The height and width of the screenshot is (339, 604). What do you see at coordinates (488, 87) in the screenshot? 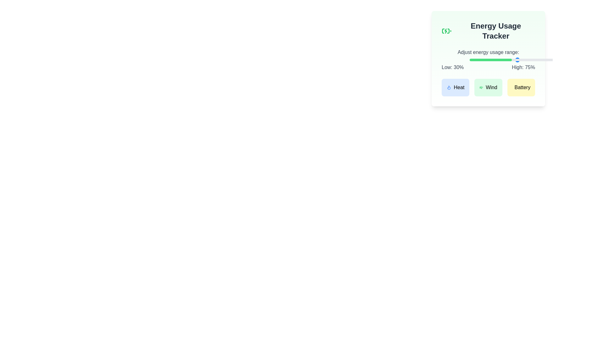
I see `the 'Wind' option button located in the middle of the three buttons in the 'Energy Usage Tracker' card` at bounding box center [488, 87].